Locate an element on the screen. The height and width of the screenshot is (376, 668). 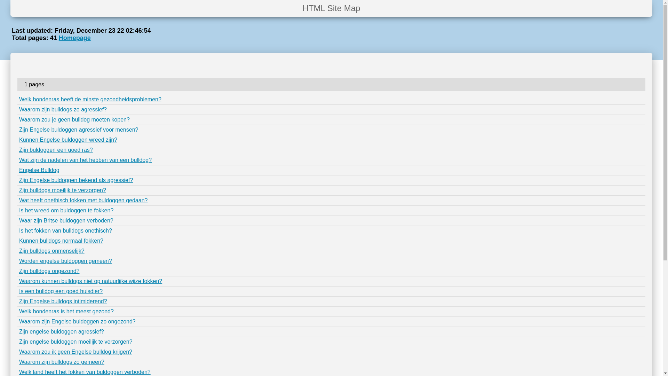
'Waar zijn Britse buldoggen verboden?' is located at coordinates (66, 220).